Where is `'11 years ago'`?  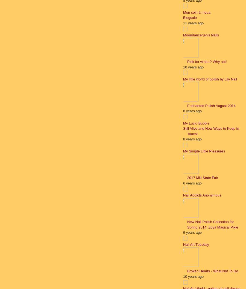
'11 years ago' is located at coordinates (193, 22).